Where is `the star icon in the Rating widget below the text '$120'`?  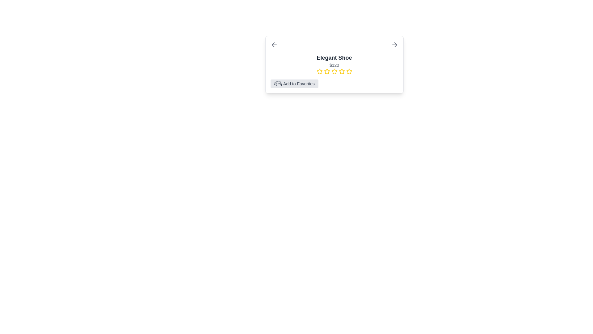 the star icon in the Rating widget below the text '$120' is located at coordinates (334, 71).